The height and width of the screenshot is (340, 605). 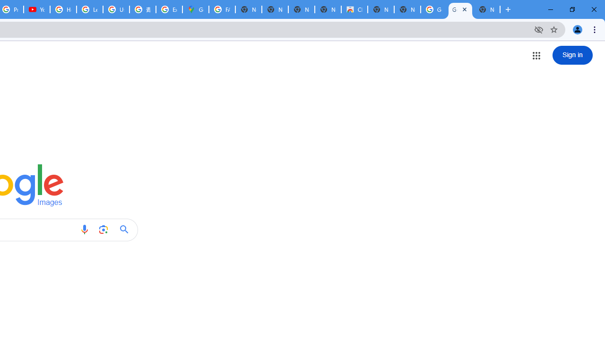 I want to click on 'Chrome Web Store', so click(x=354, y=9).